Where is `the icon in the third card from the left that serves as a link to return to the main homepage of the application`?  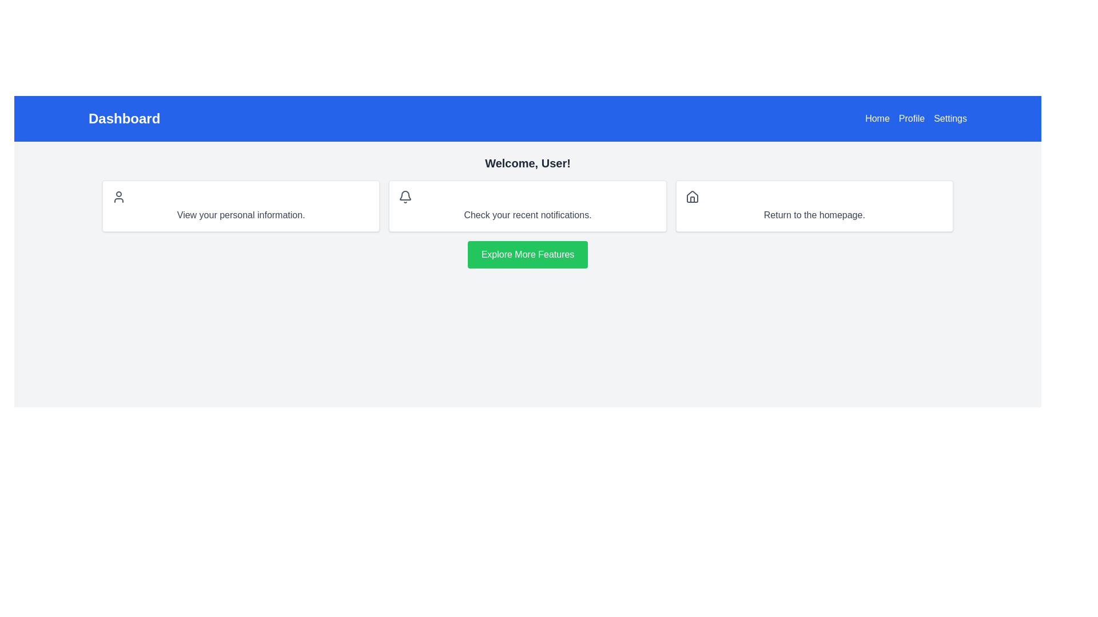 the icon in the third card from the left that serves as a link to return to the main homepage of the application is located at coordinates (814, 206).